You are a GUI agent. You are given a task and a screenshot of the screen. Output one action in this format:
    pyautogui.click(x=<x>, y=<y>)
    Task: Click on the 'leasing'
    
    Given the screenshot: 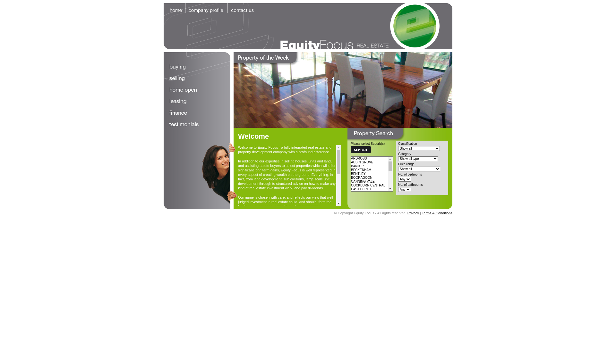 What is the action you would take?
    pyautogui.click(x=163, y=101)
    